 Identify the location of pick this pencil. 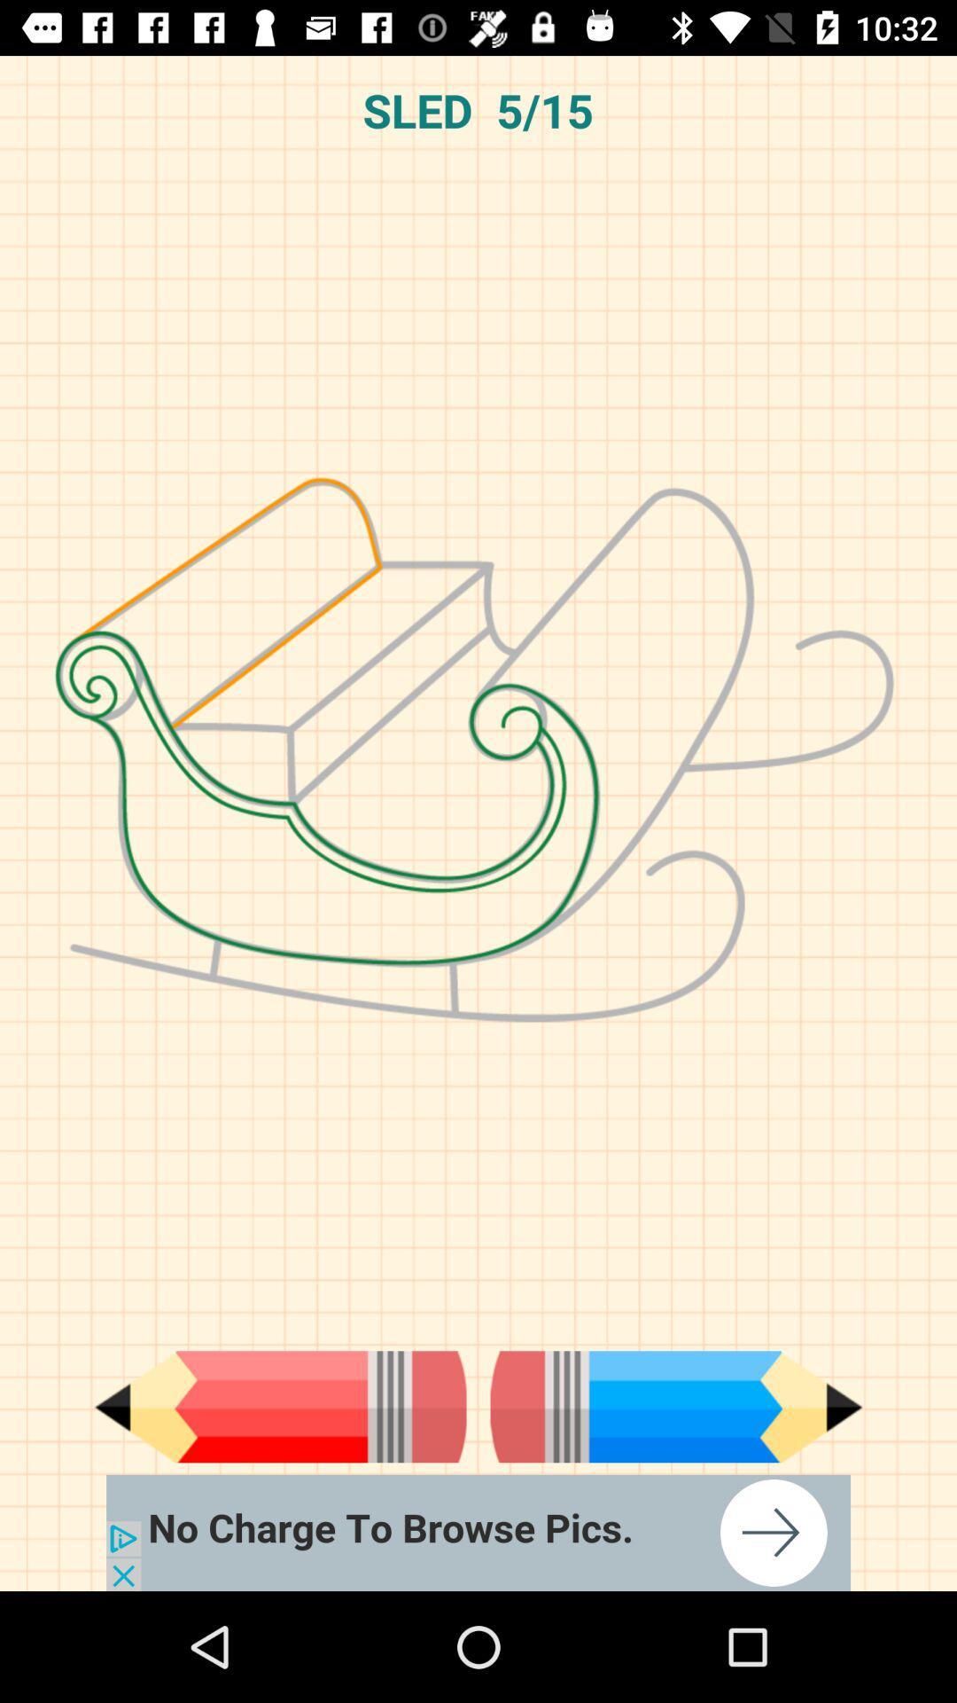
(676, 1406).